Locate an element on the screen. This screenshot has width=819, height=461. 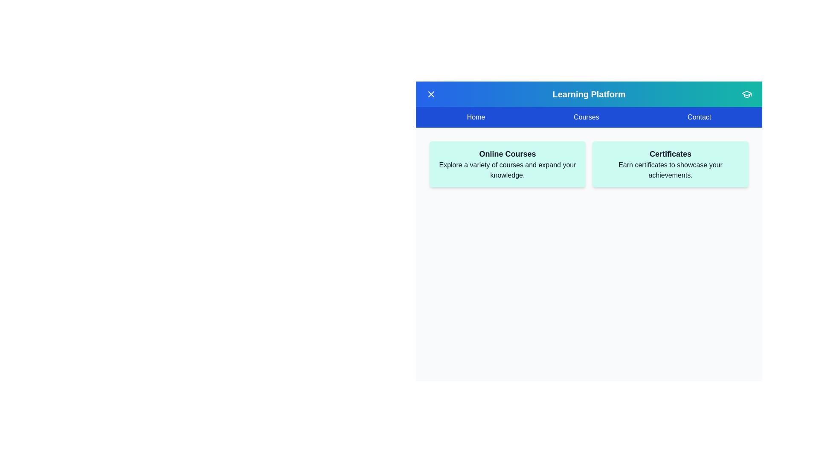
the 'Contact' menu item in the navigation bar is located at coordinates (699, 117).